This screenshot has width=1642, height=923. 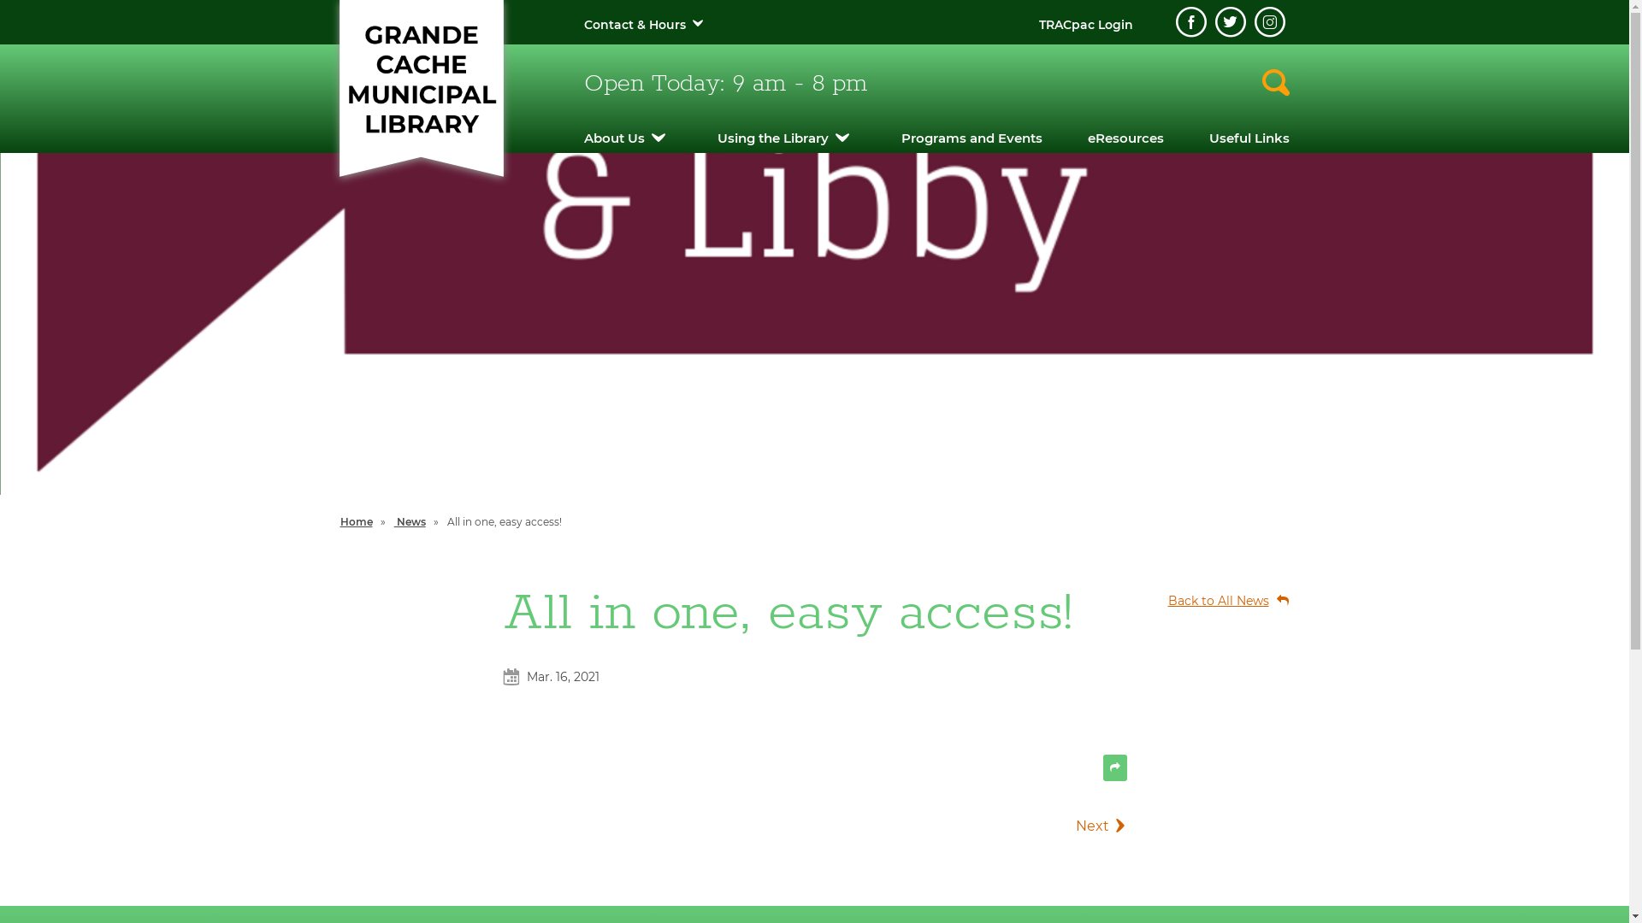 I want to click on 'Programs and Events', so click(x=901, y=137).